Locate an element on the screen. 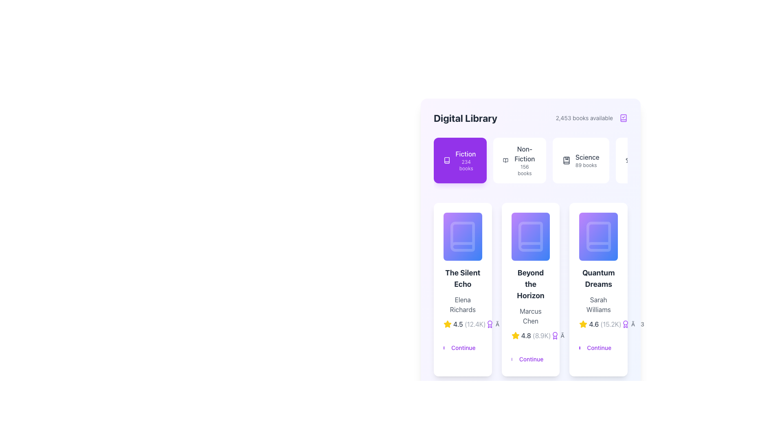 Image resolution: width=782 pixels, height=440 pixels. the text label displaying 'Ãx3', which is a small font textual indicator located at the end of the rating sequence under the 'Quantum Dreams' book card, positioned to the right of the purple award icon is located at coordinates (632, 324).